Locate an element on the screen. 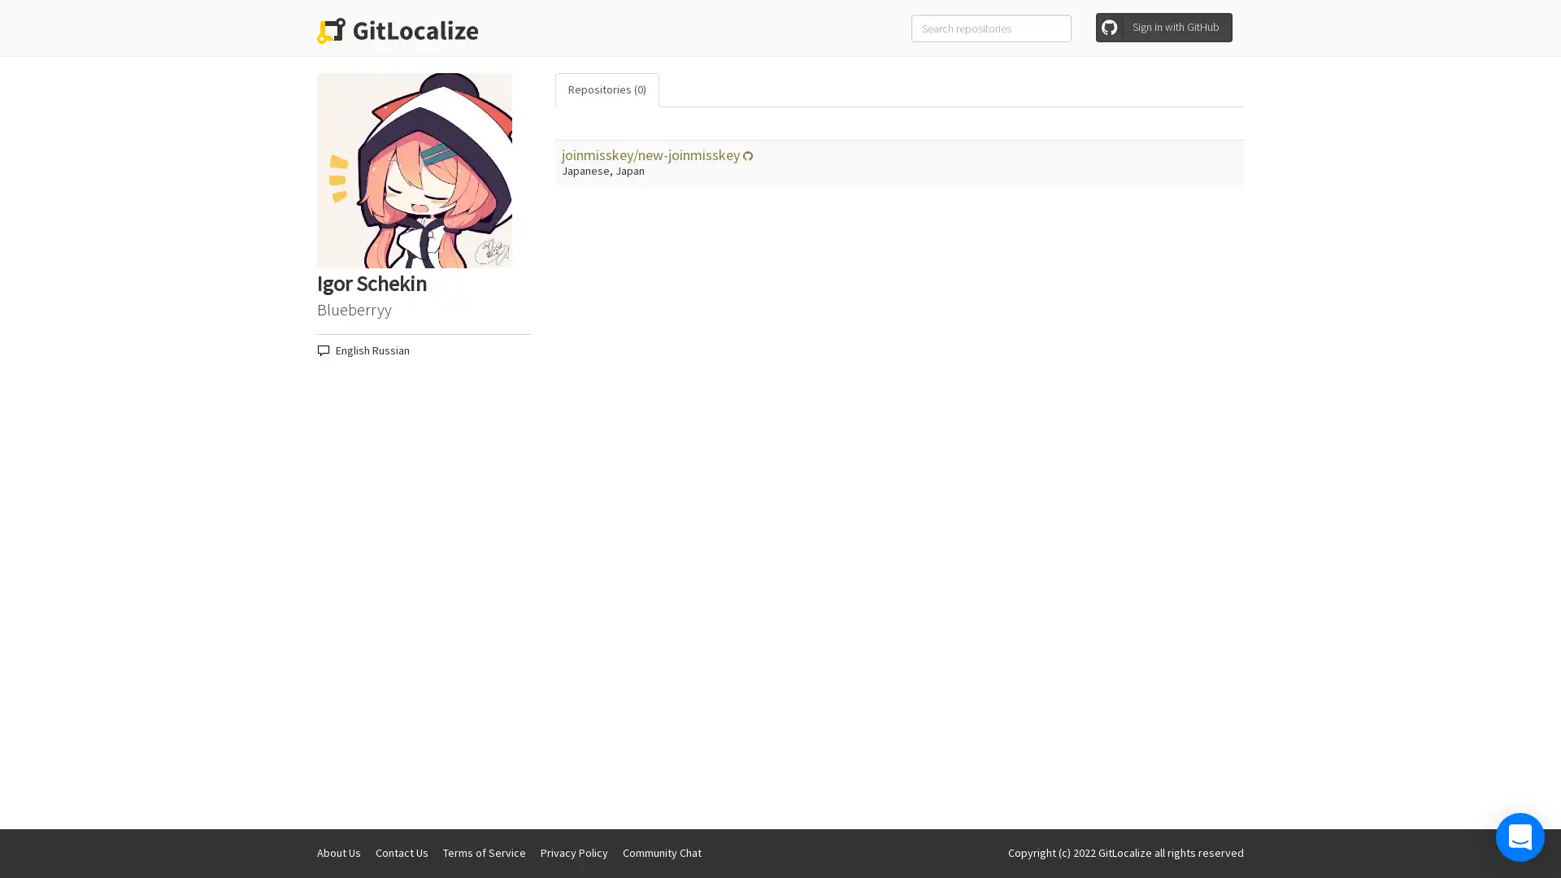 The height and width of the screenshot is (878, 1561). Open Intercom Messenger is located at coordinates (1520, 837).